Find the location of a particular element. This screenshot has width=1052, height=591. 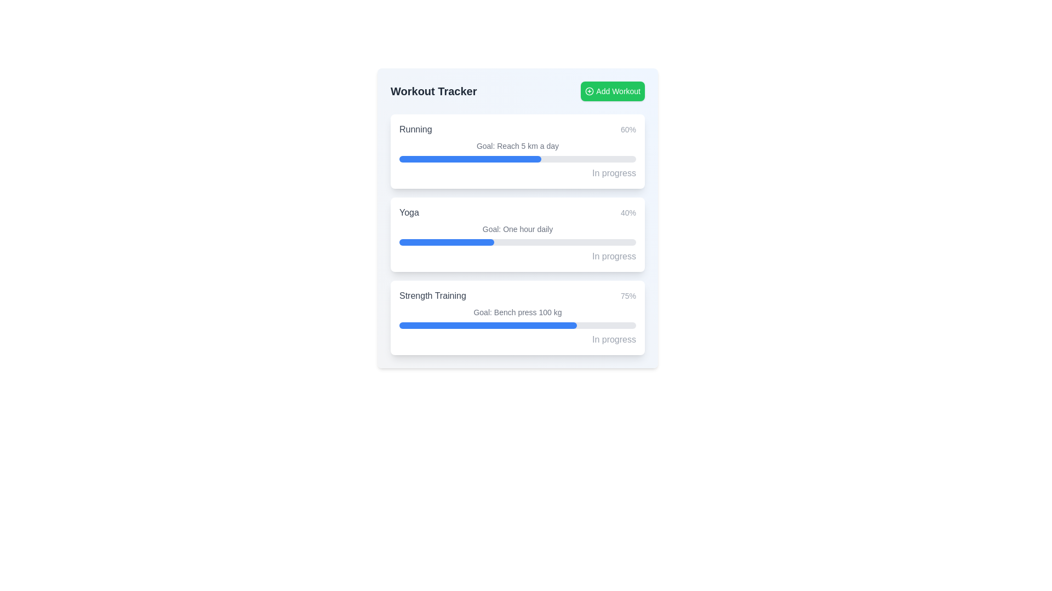

the Text Label indicating the name or title of a workout category, located at the top-left corner of the second card in the workout tracker interface is located at coordinates (408, 213).